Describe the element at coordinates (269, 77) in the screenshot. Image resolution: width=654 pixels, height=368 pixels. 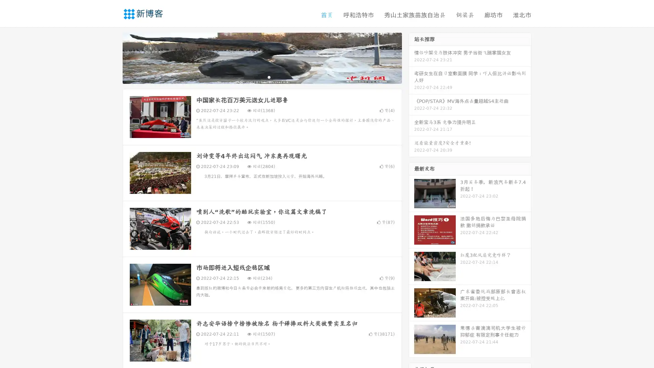
I see `Go to slide 3` at that location.